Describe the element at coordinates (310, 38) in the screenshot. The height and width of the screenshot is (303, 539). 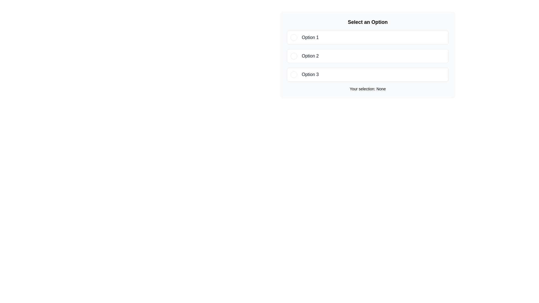
I see `the text label reading 'Option 1', which is styled in dark gray and positioned next to a circular radio button on the left, as it is the first selectable option in the list` at that location.